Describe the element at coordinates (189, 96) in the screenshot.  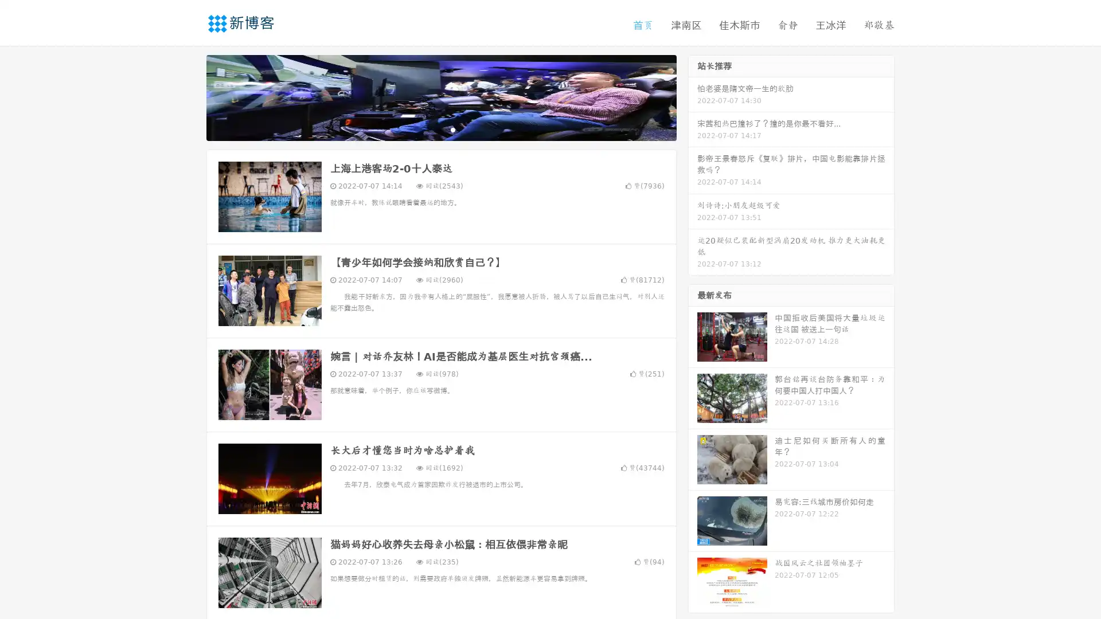
I see `Previous slide` at that location.